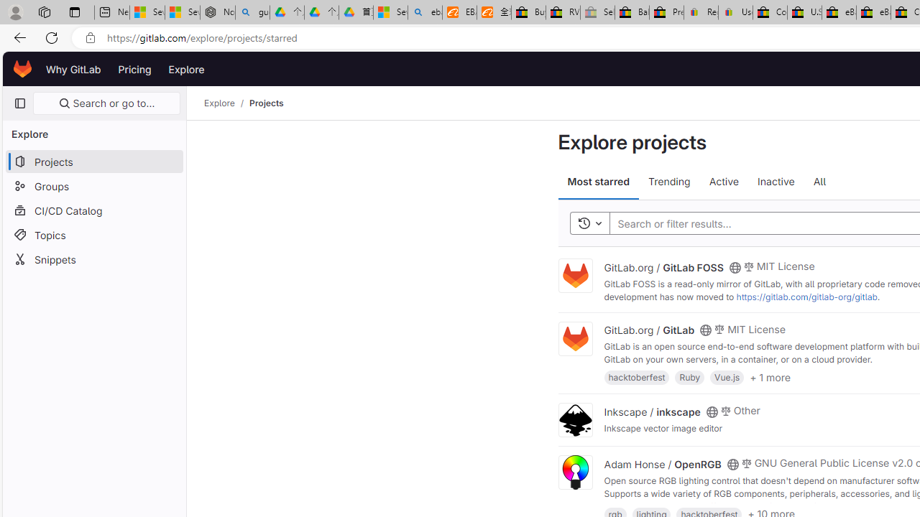  What do you see at coordinates (134, 69) in the screenshot?
I see `'Pricing'` at bounding box center [134, 69].